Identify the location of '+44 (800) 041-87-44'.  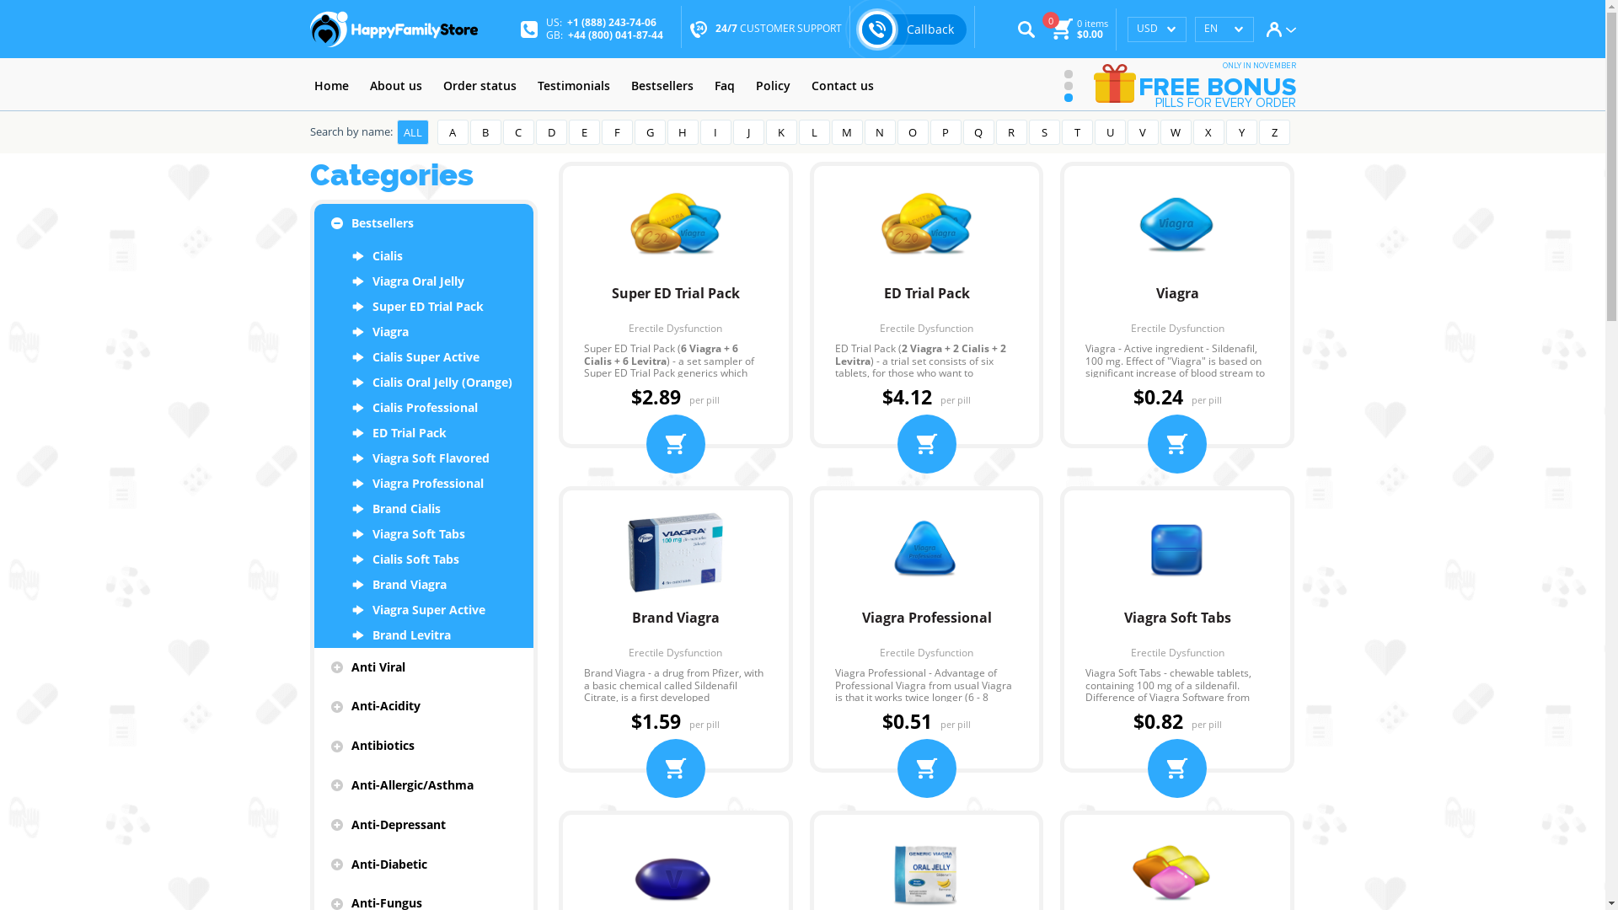
(614, 34).